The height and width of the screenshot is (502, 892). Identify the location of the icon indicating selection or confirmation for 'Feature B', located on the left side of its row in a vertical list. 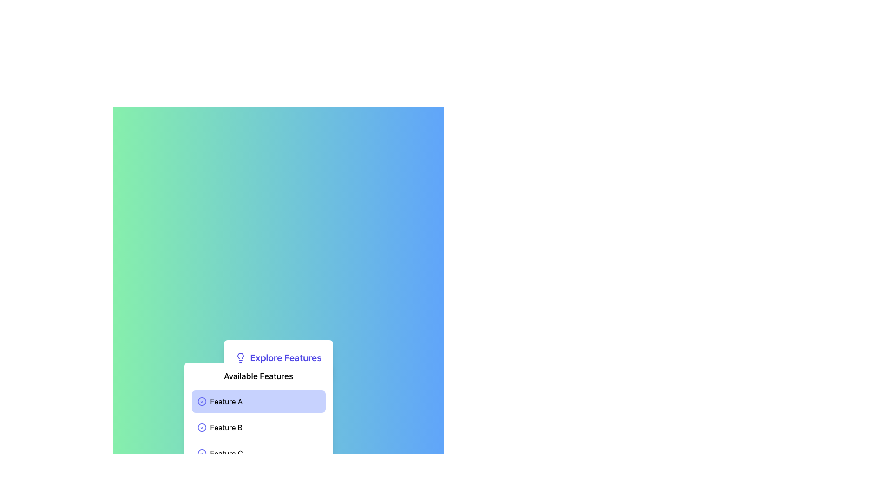
(201, 428).